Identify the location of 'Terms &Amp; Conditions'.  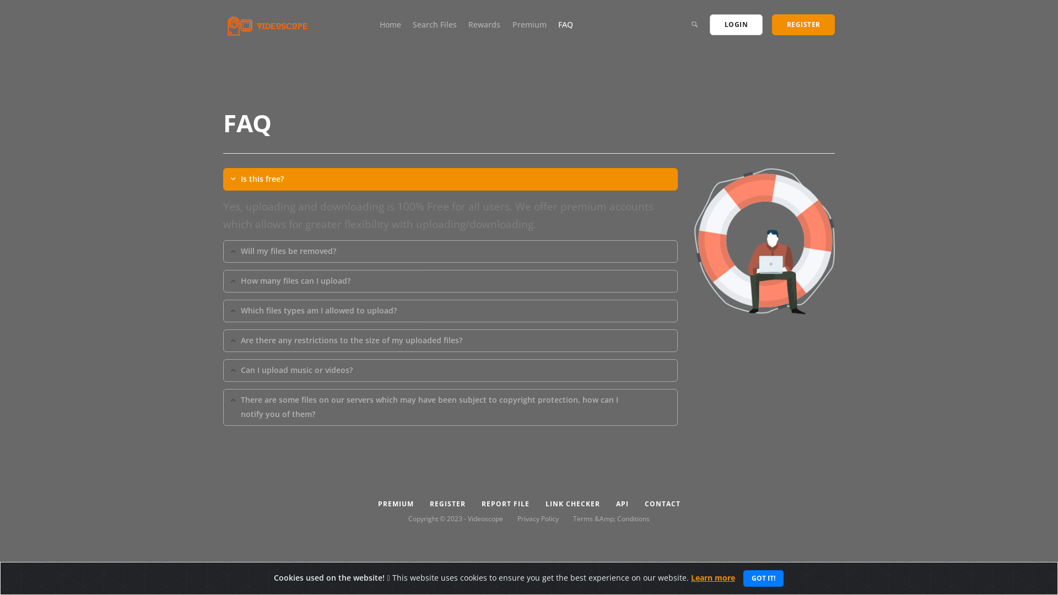
(611, 518).